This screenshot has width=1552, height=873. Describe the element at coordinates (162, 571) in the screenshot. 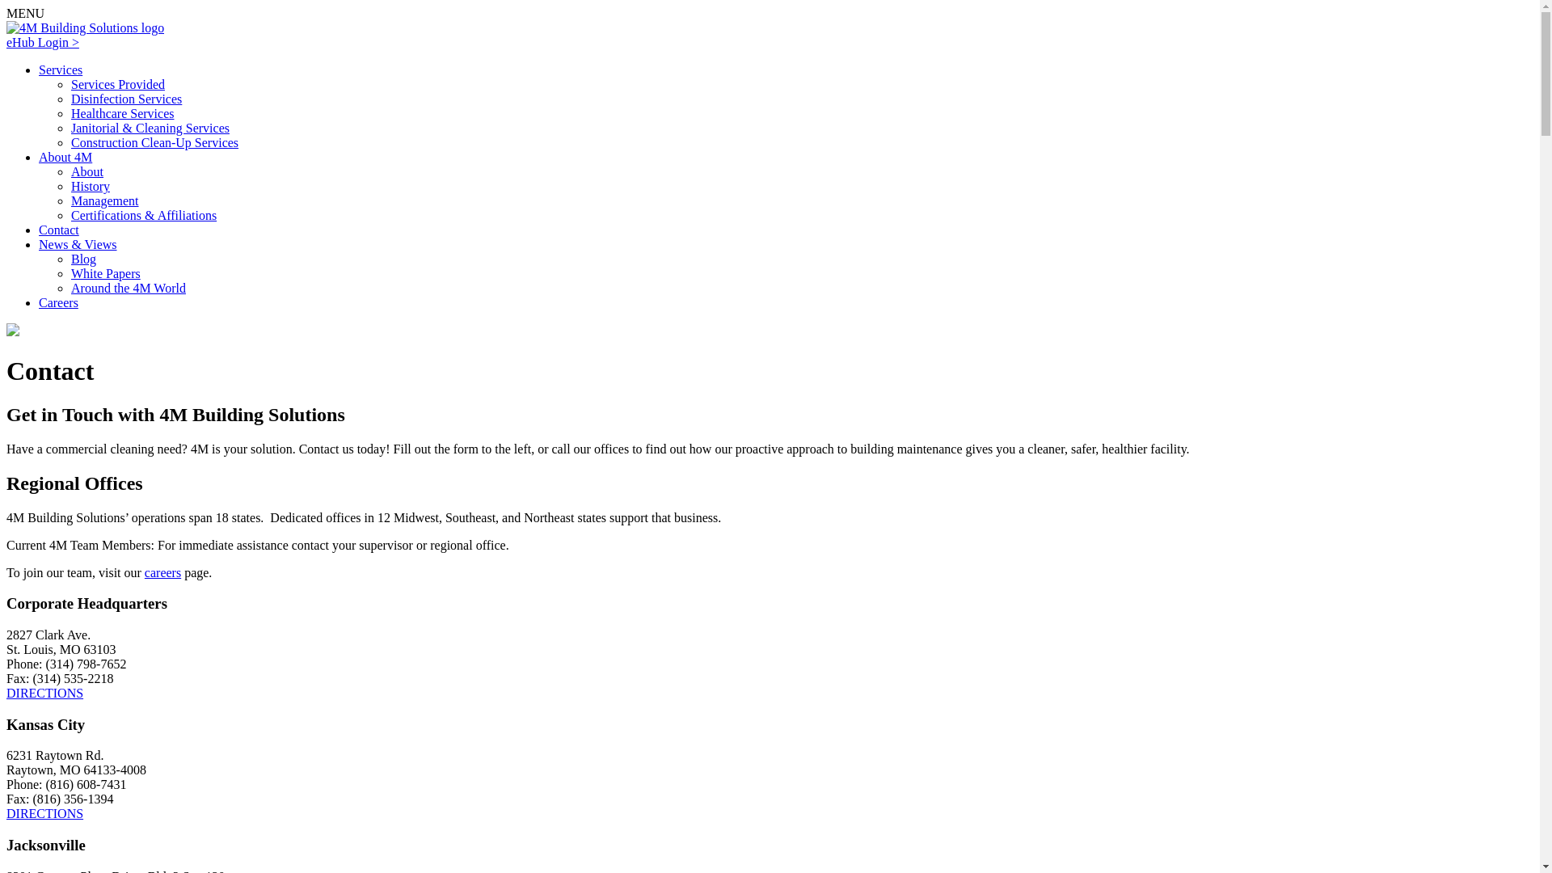

I see `'careers'` at that location.